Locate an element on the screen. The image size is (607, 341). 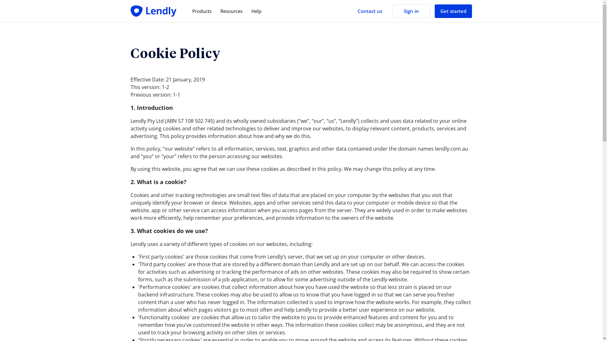
'Sign in' is located at coordinates (411, 11).